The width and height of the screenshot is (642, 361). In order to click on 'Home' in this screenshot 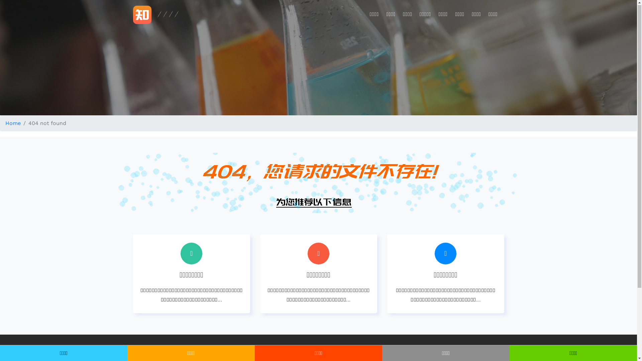, I will do `click(13, 123)`.